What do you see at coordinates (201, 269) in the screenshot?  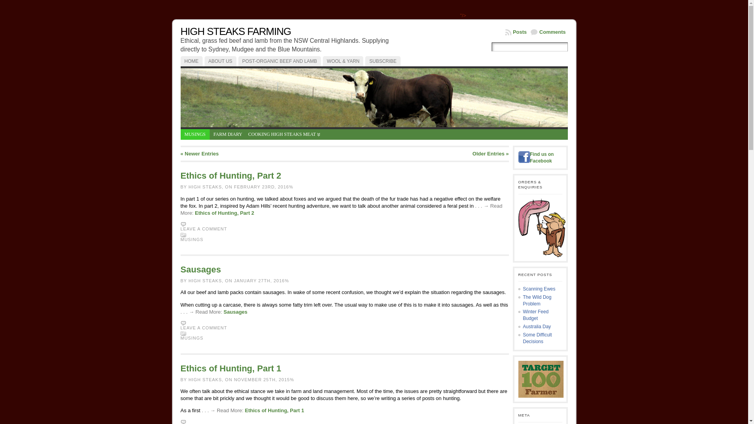 I see `'Sausages'` at bounding box center [201, 269].